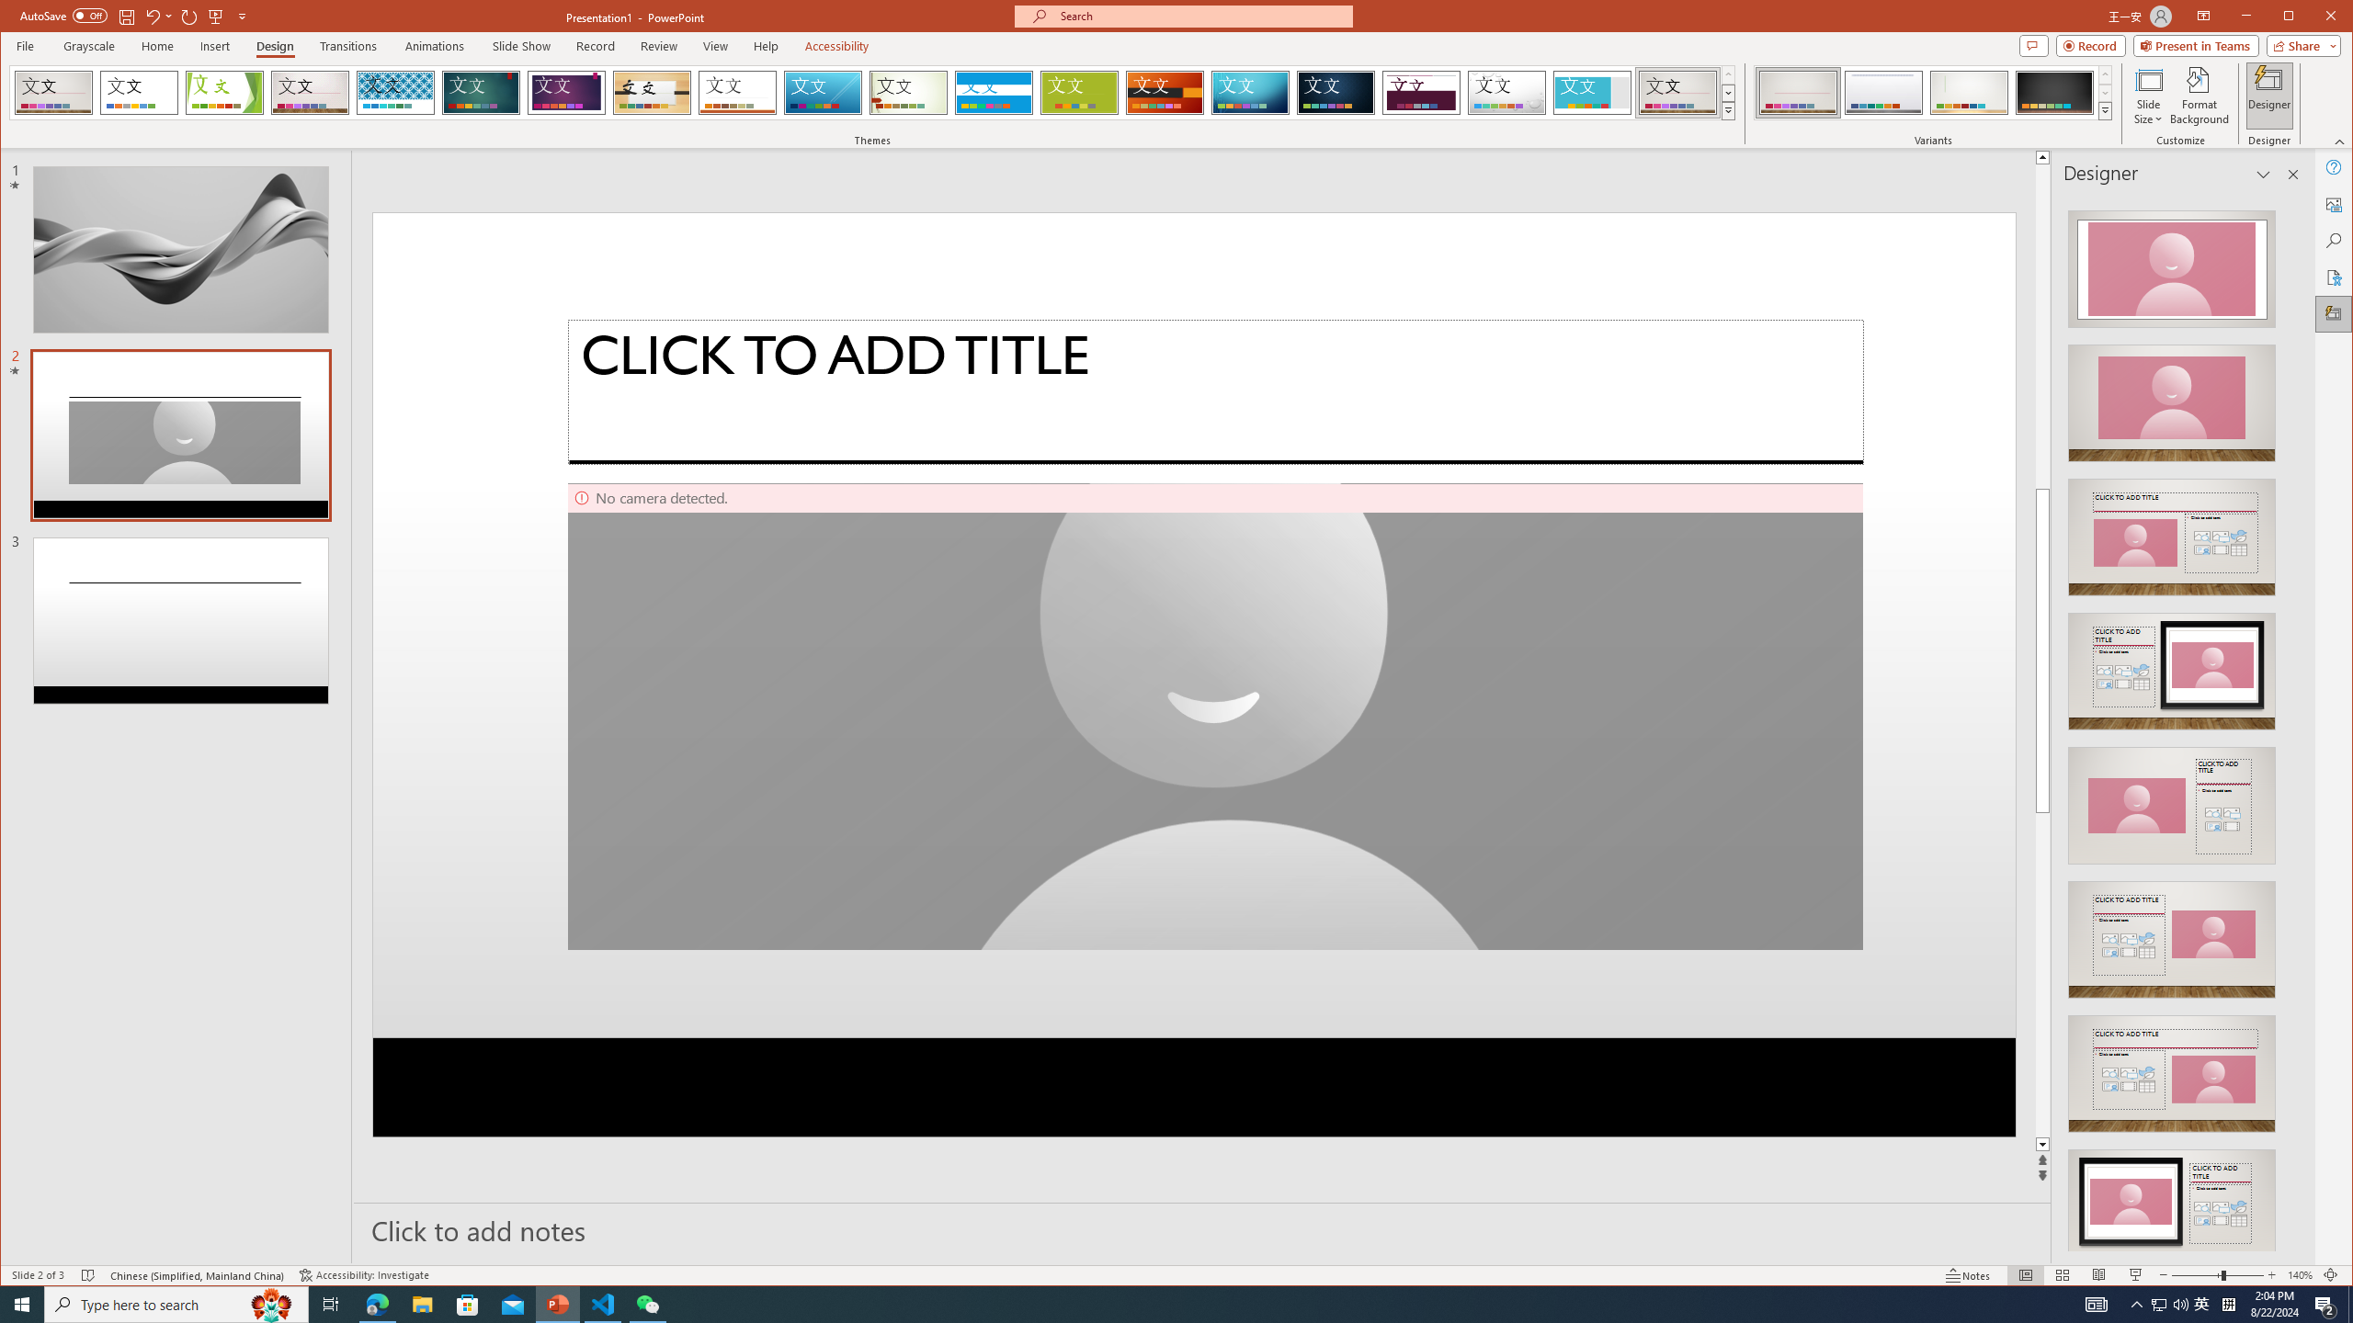  I want to click on 'Circuit', so click(1250, 92).